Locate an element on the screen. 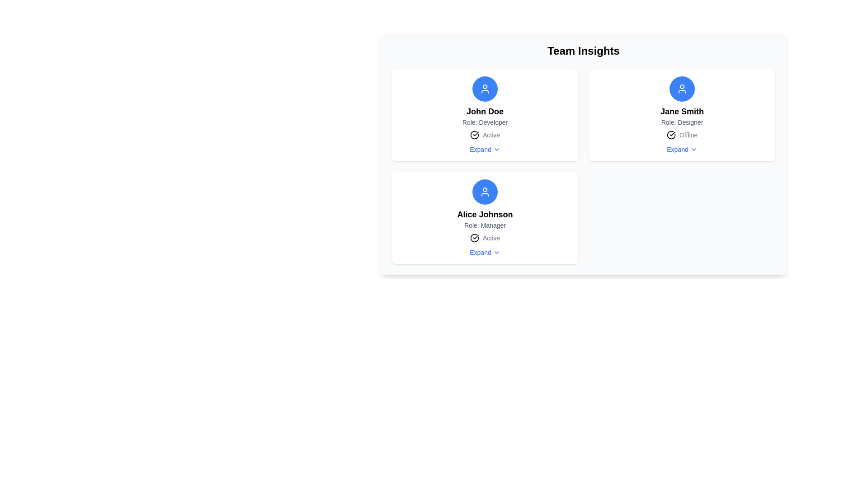 This screenshot has width=868, height=488. the 'Active' text label that is displayed in gray color, positioned within a card layout under the name 'John Doe', and aligned to the right of the status icon is located at coordinates (491, 135).